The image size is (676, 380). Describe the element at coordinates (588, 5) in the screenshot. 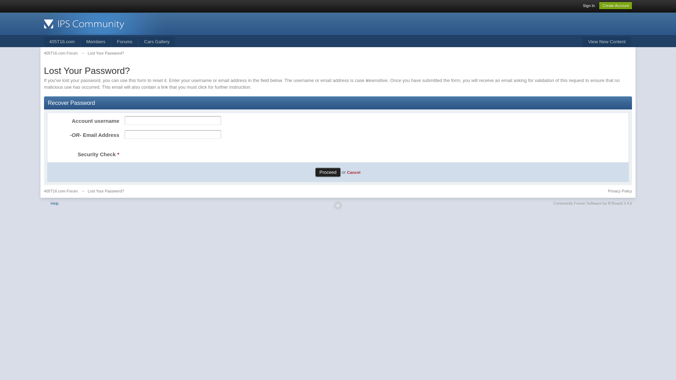

I see `'Sign In'` at that location.